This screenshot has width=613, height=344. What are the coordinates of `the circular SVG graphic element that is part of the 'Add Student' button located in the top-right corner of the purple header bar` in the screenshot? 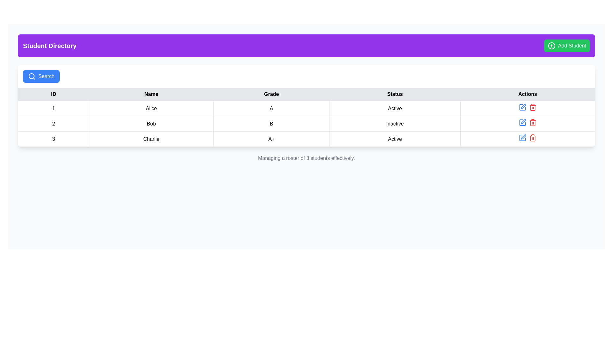 It's located at (551, 45).